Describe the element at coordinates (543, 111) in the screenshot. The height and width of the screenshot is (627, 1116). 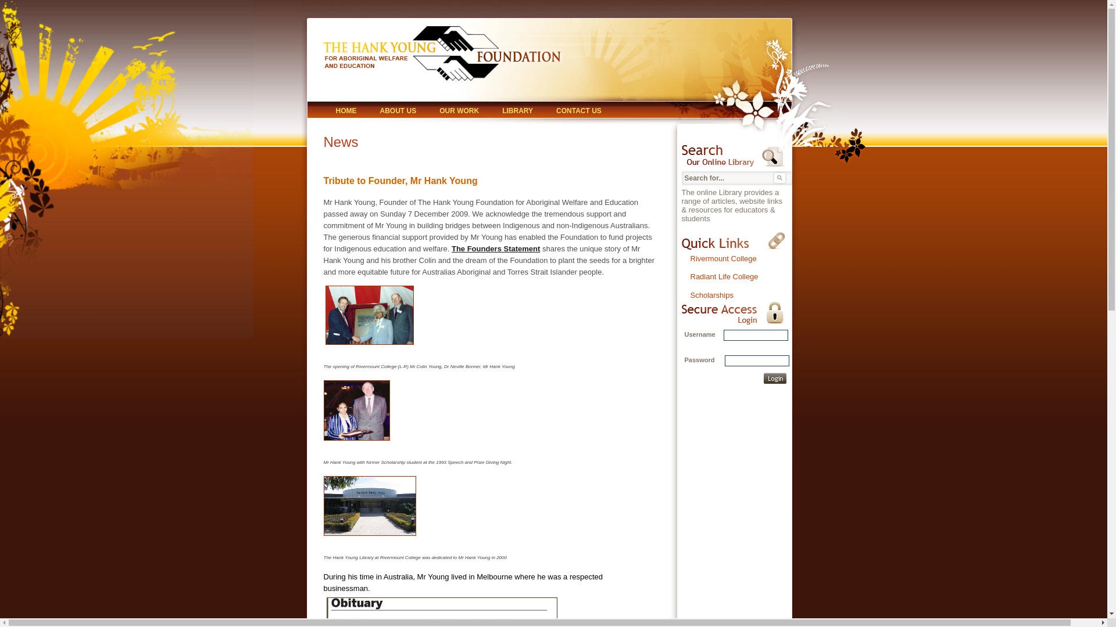
I see `'CONTACT US'` at that location.